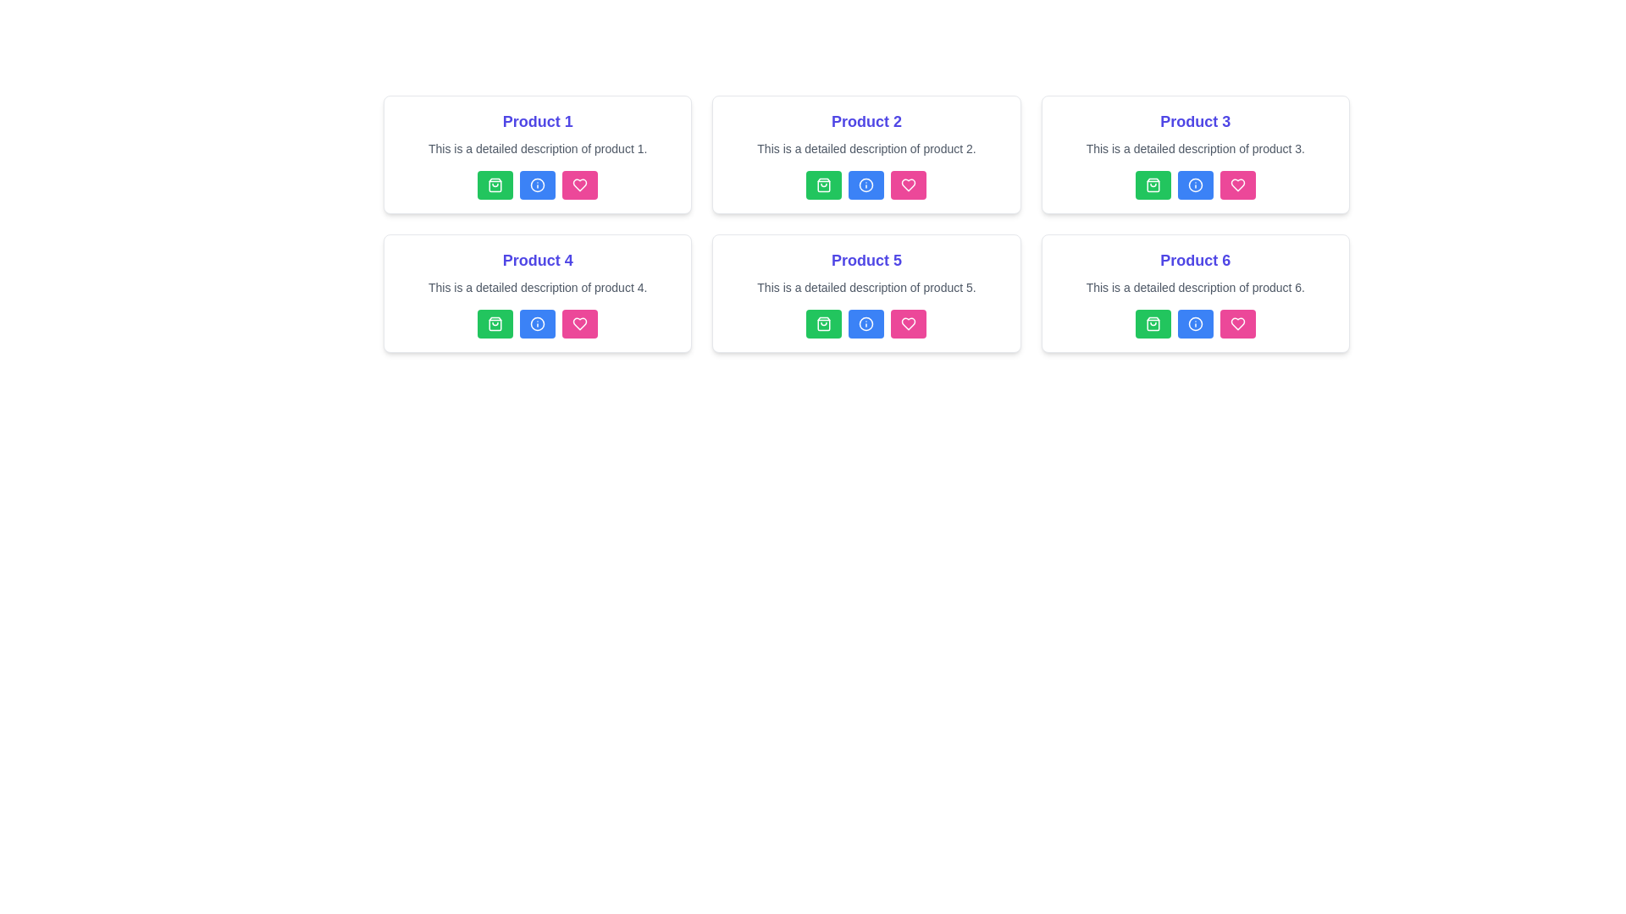 The height and width of the screenshot is (914, 1626). Describe the element at coordinates (1194, 323) in the screenshot. I see `the blue button with white text and an information icon, located in the center of the three buttons below the 'Product 6' card` at that location.